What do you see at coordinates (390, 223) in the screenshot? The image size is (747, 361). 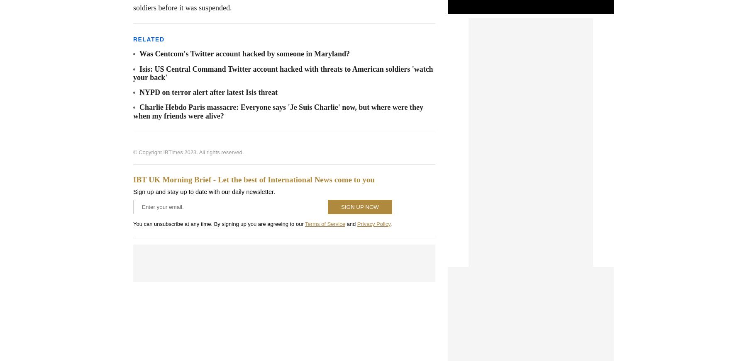 I see `'.'` at bounding box center [390, 223].